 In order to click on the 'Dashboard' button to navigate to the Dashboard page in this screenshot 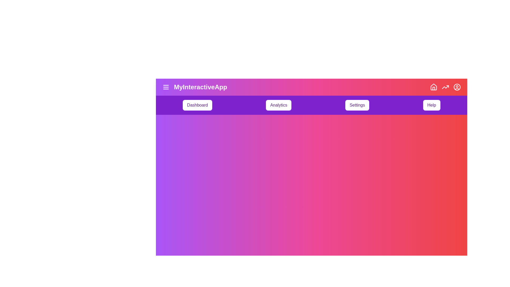, I will do `click(197, 105)`.